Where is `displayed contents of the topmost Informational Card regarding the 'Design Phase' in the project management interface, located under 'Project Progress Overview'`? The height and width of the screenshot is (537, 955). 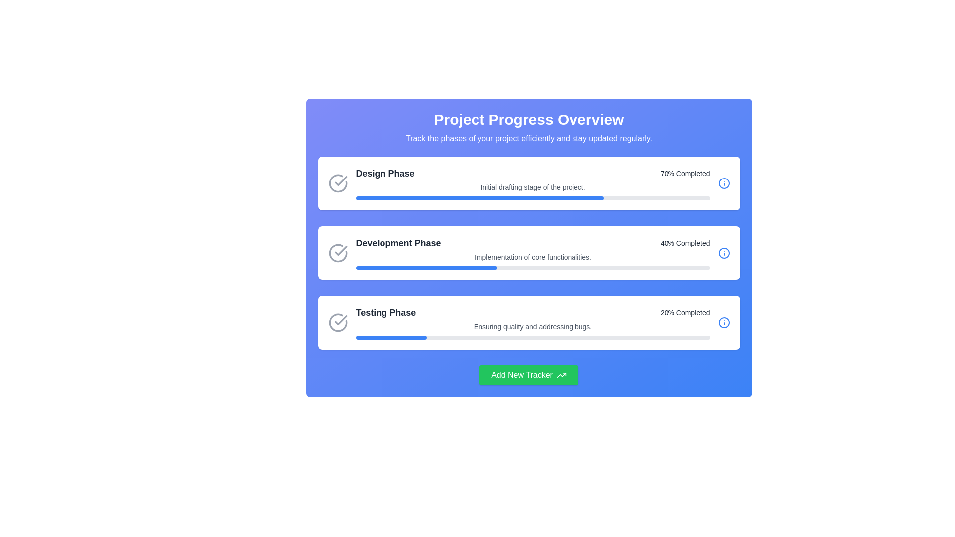
displayed contents of the topmost Informational Card regarding the 'Design Phase' in the project management interface, located under 'Project Progress Overview' is located at coordinates (532, 183).